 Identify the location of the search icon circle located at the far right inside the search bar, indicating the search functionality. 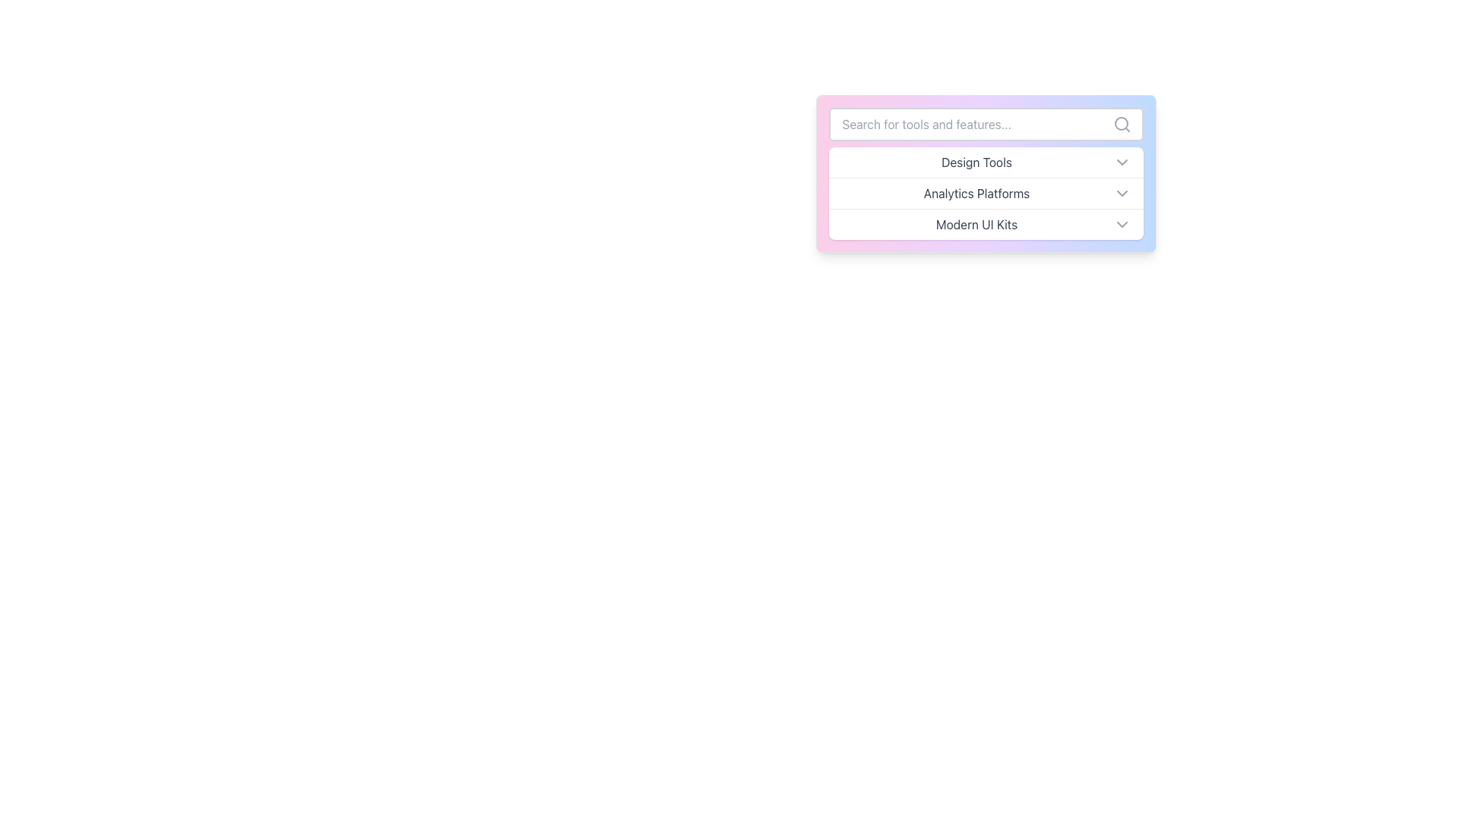
(1121, 122).